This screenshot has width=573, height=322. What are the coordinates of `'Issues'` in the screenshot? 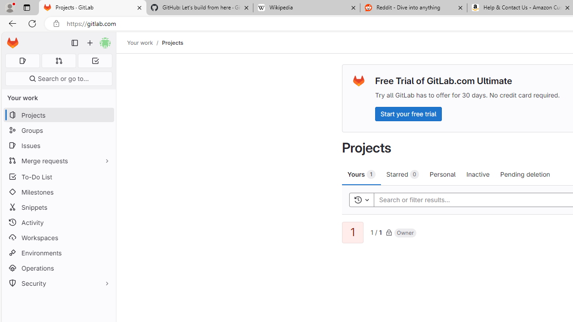 It's located at (58, 145).